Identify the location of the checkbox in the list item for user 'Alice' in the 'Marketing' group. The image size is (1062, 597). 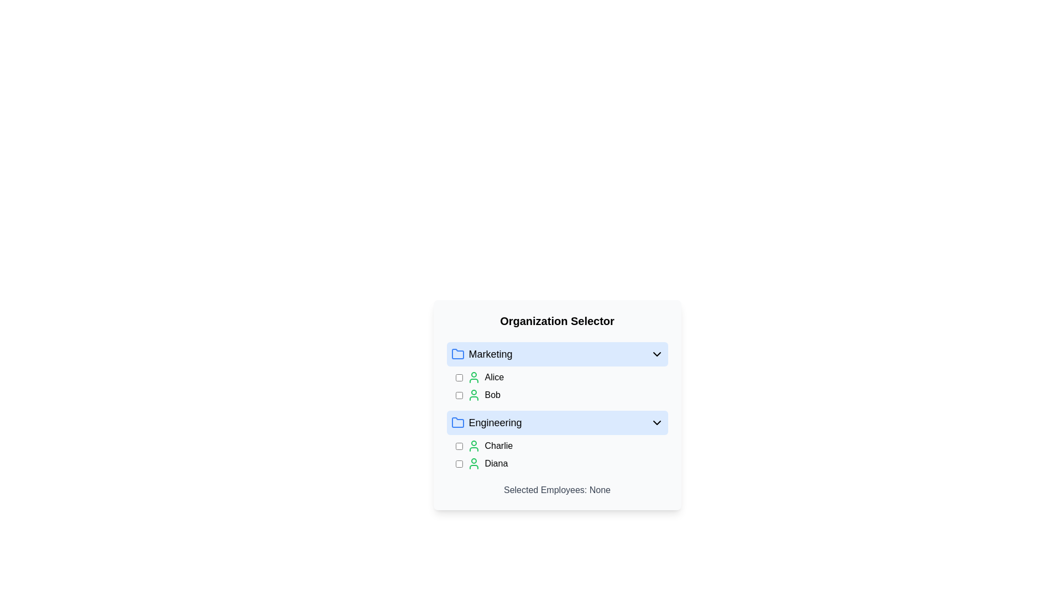
(561, 376).